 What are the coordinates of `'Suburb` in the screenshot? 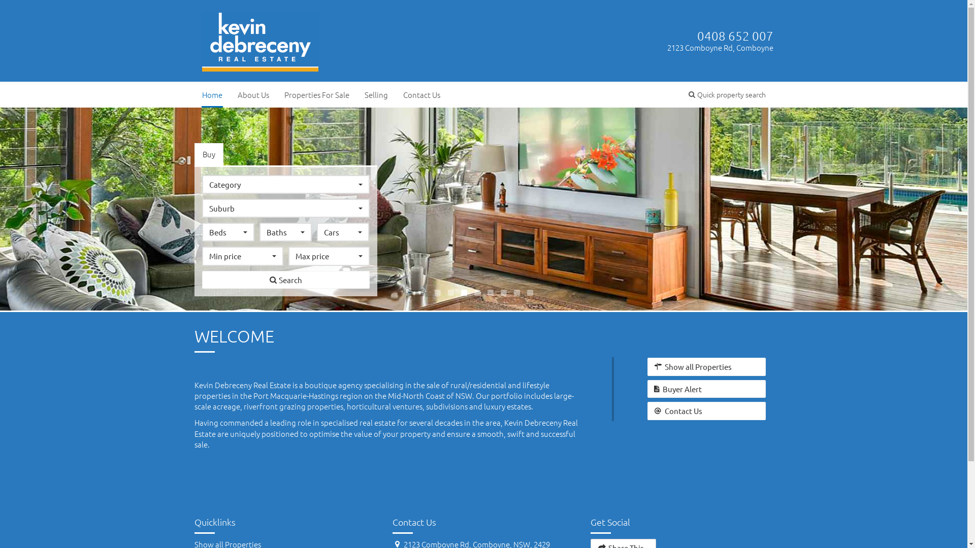 It's located at (285, 208).